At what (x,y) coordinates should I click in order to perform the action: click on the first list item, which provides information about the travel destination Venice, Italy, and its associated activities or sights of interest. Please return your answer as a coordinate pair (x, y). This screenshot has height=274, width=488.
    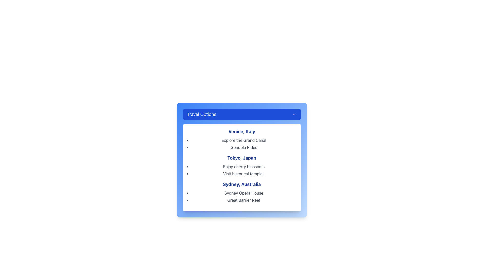
    Looking at the image, I should click on (241, 139).